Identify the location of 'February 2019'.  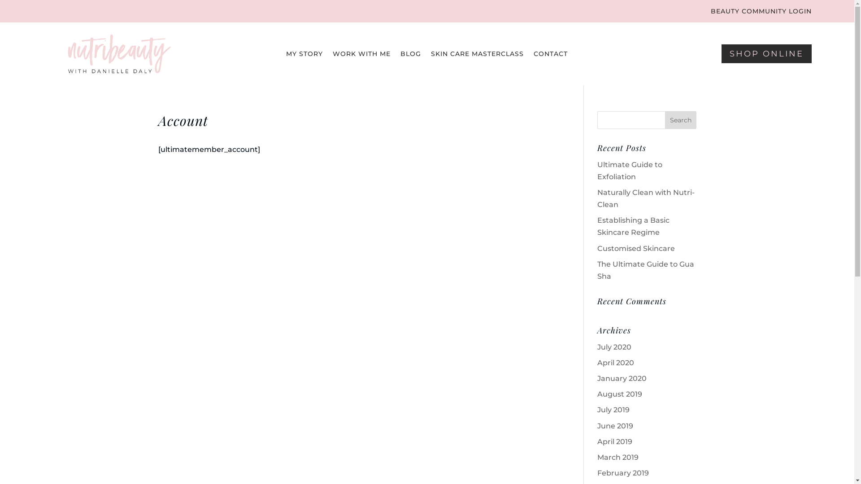
(597, 472).